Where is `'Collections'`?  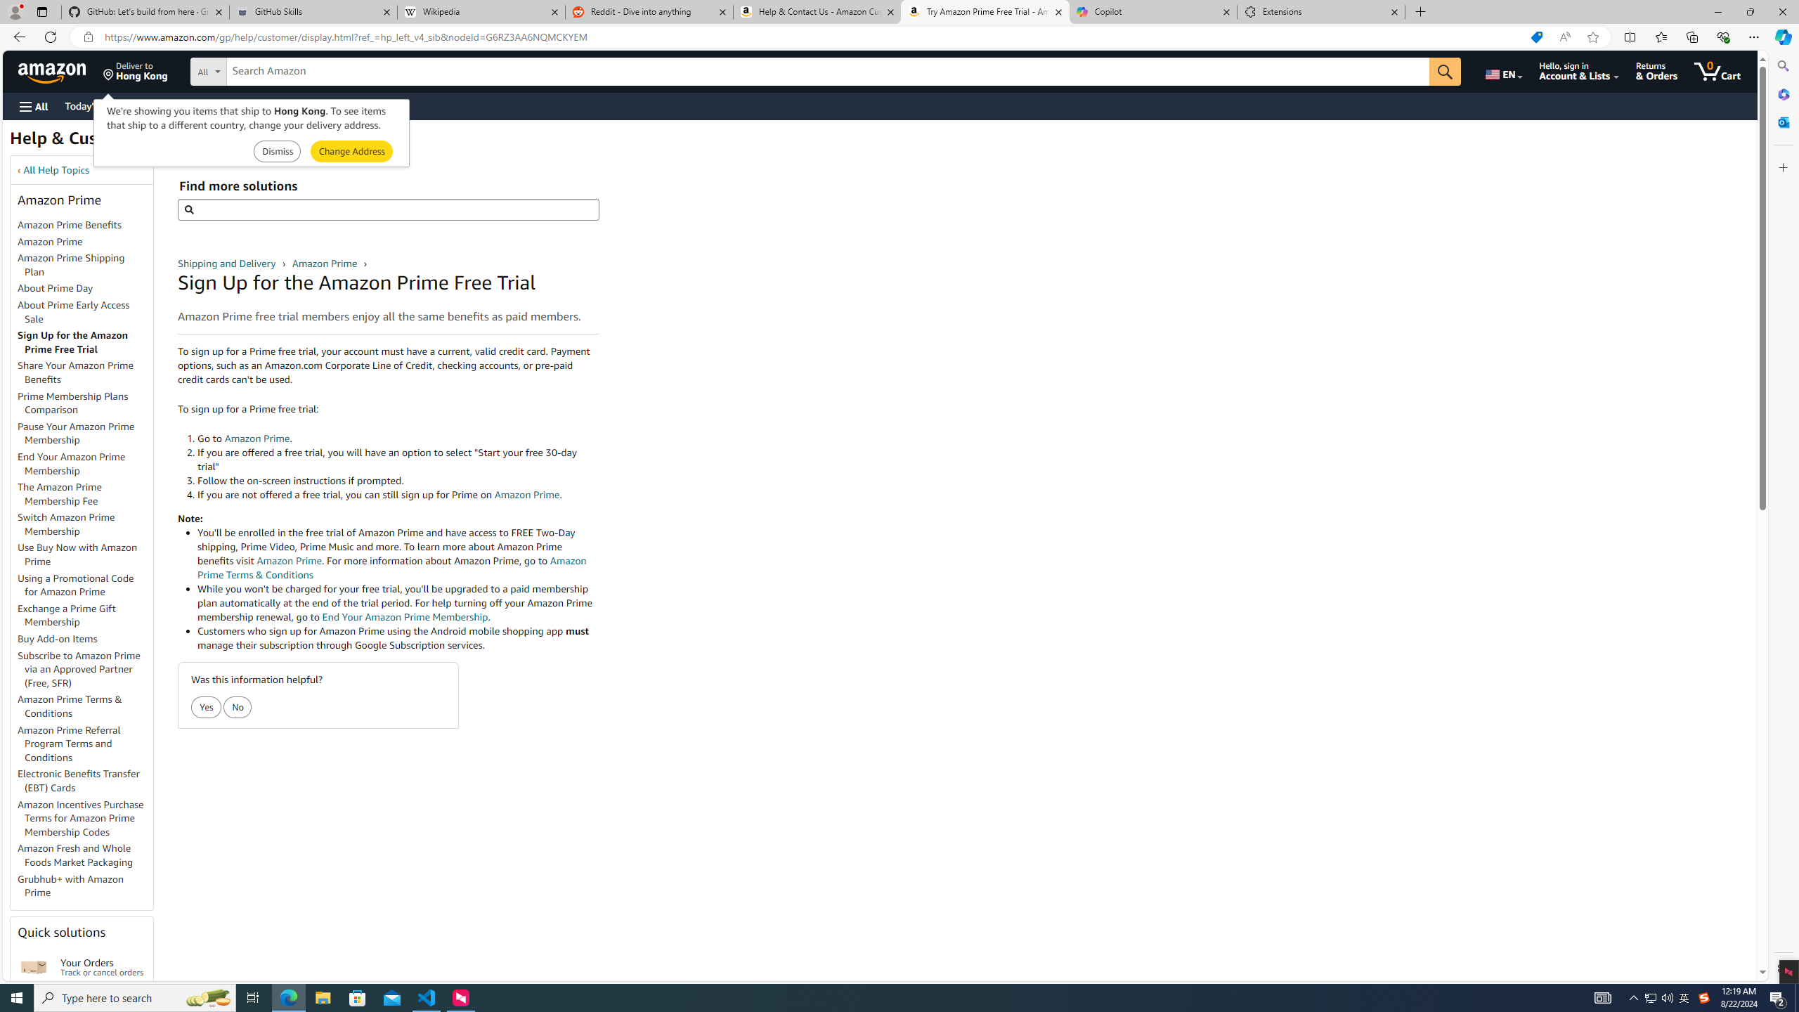
'Collections' is located at coordinates (1691, 36).